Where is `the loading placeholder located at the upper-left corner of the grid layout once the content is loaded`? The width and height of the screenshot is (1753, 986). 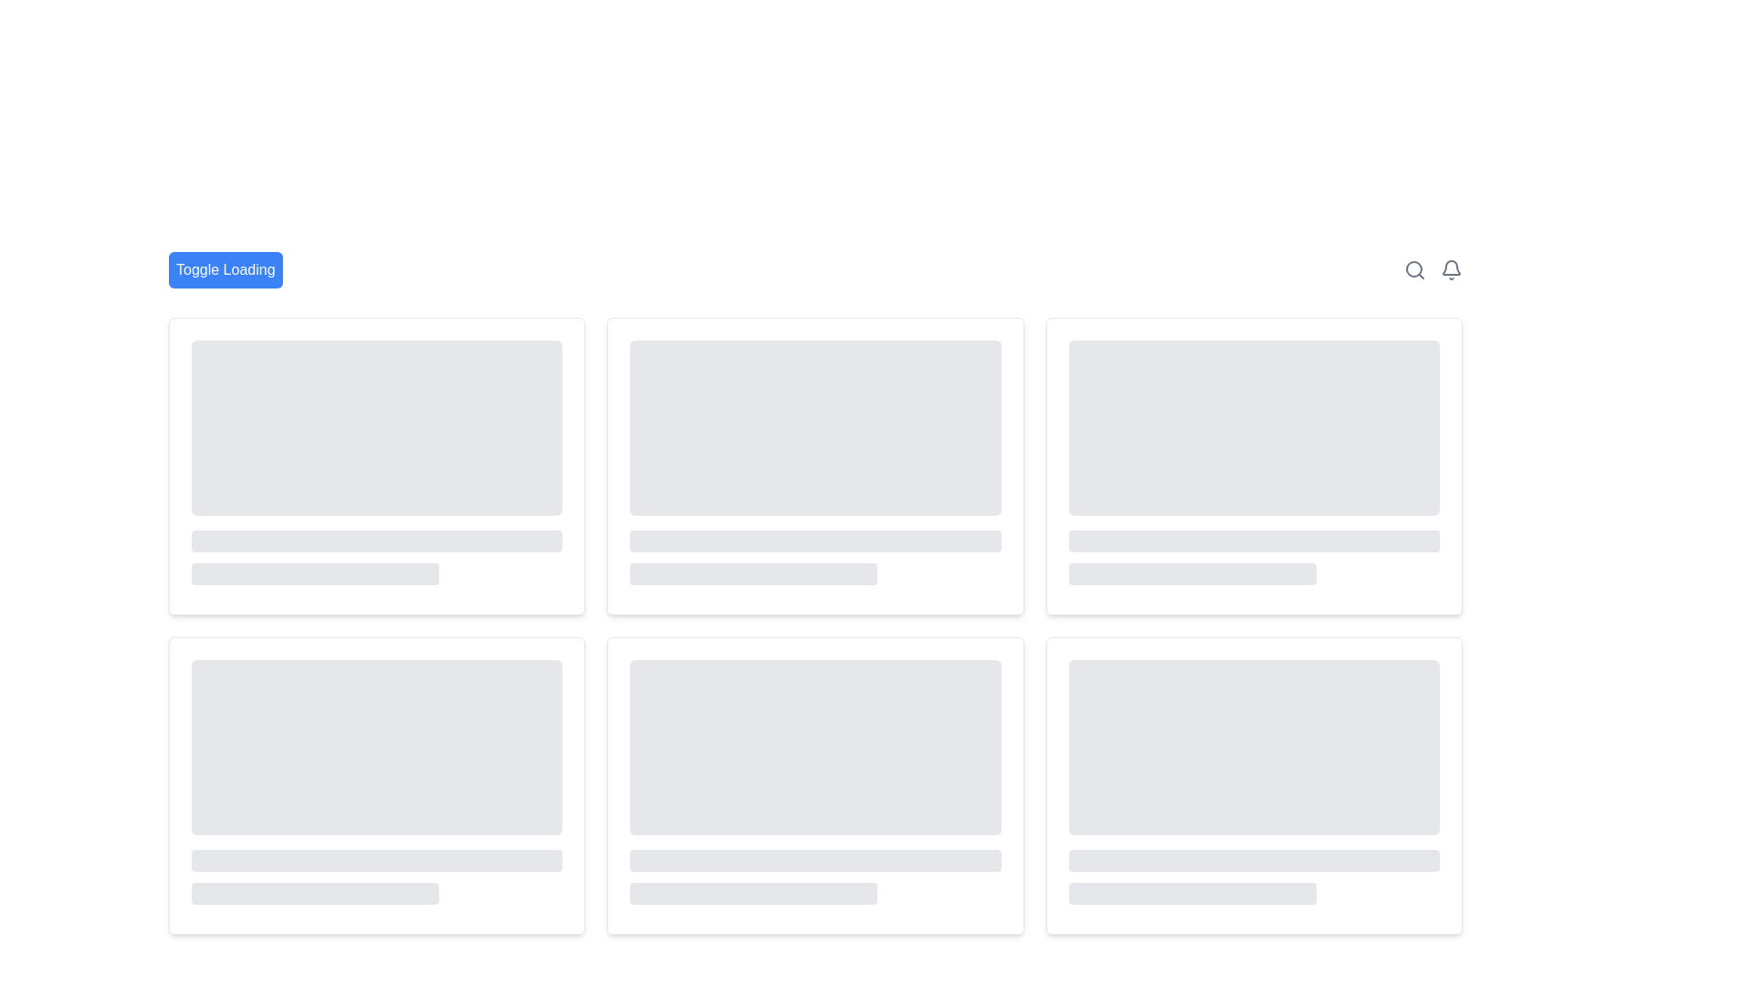
the loading placeholder located at the upper-left corner of the grid layout once the content is loaded is located at coordinates (376, 461).